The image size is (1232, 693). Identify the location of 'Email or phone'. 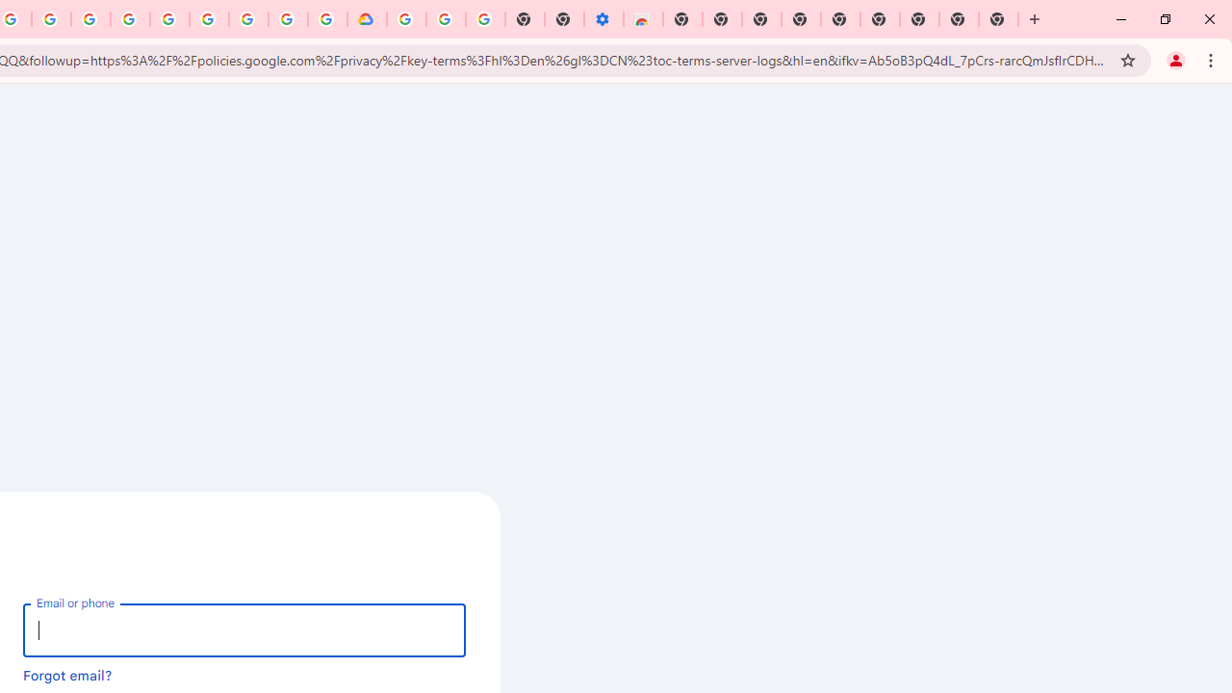
(244, 629).